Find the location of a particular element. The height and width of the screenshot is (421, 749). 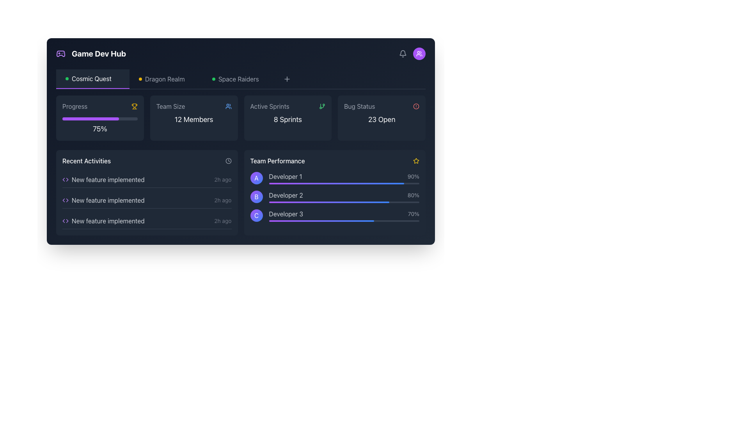

the 'Space Raiders' link located in the horizontal navigation bar is located at coordinates (235, 79).